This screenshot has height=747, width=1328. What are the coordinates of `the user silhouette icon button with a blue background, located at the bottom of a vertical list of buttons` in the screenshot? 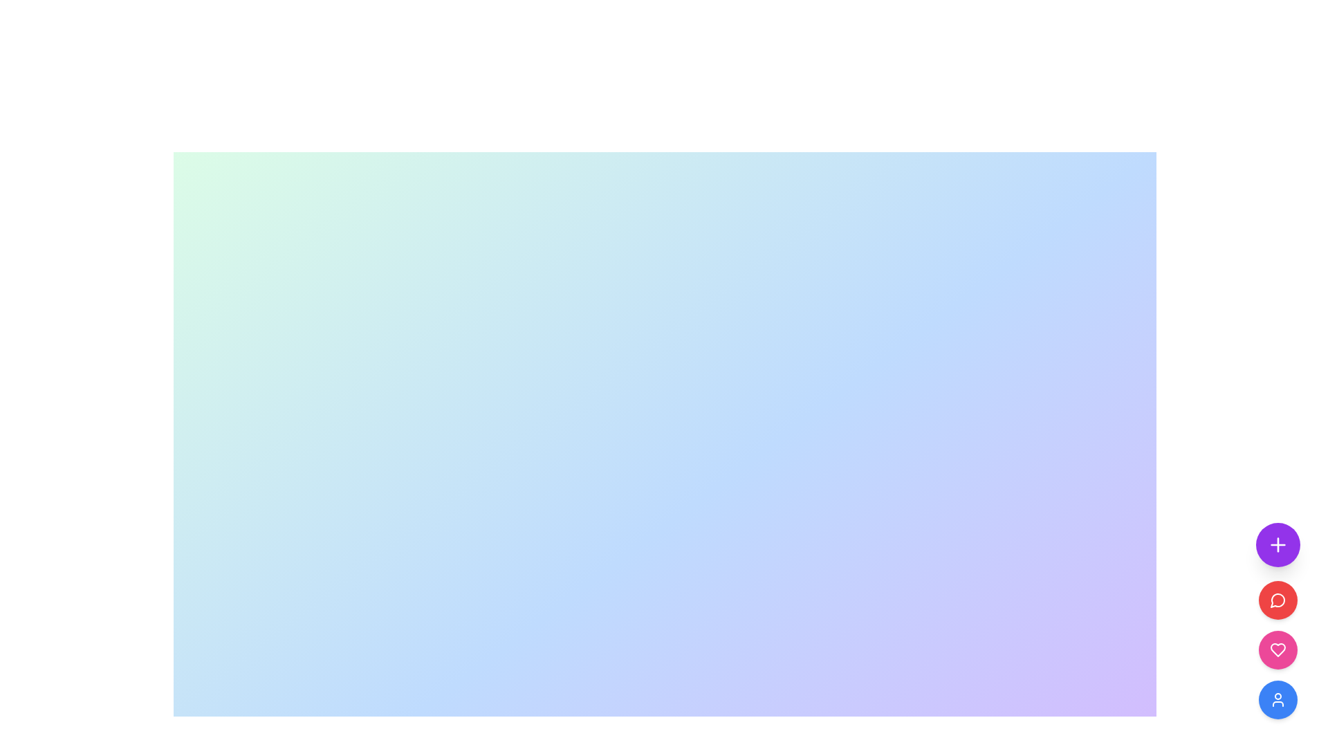 It's located at (1278, 699).